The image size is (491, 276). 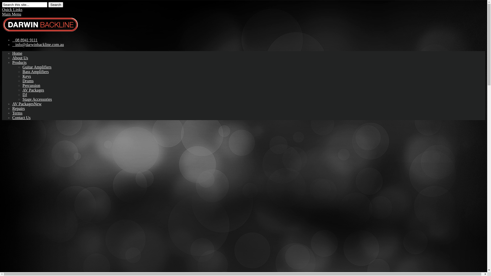 What do you see at coordinates (18, 108) in the screenshot?
I see `'Repairs'` at bounding box center [18, 108].